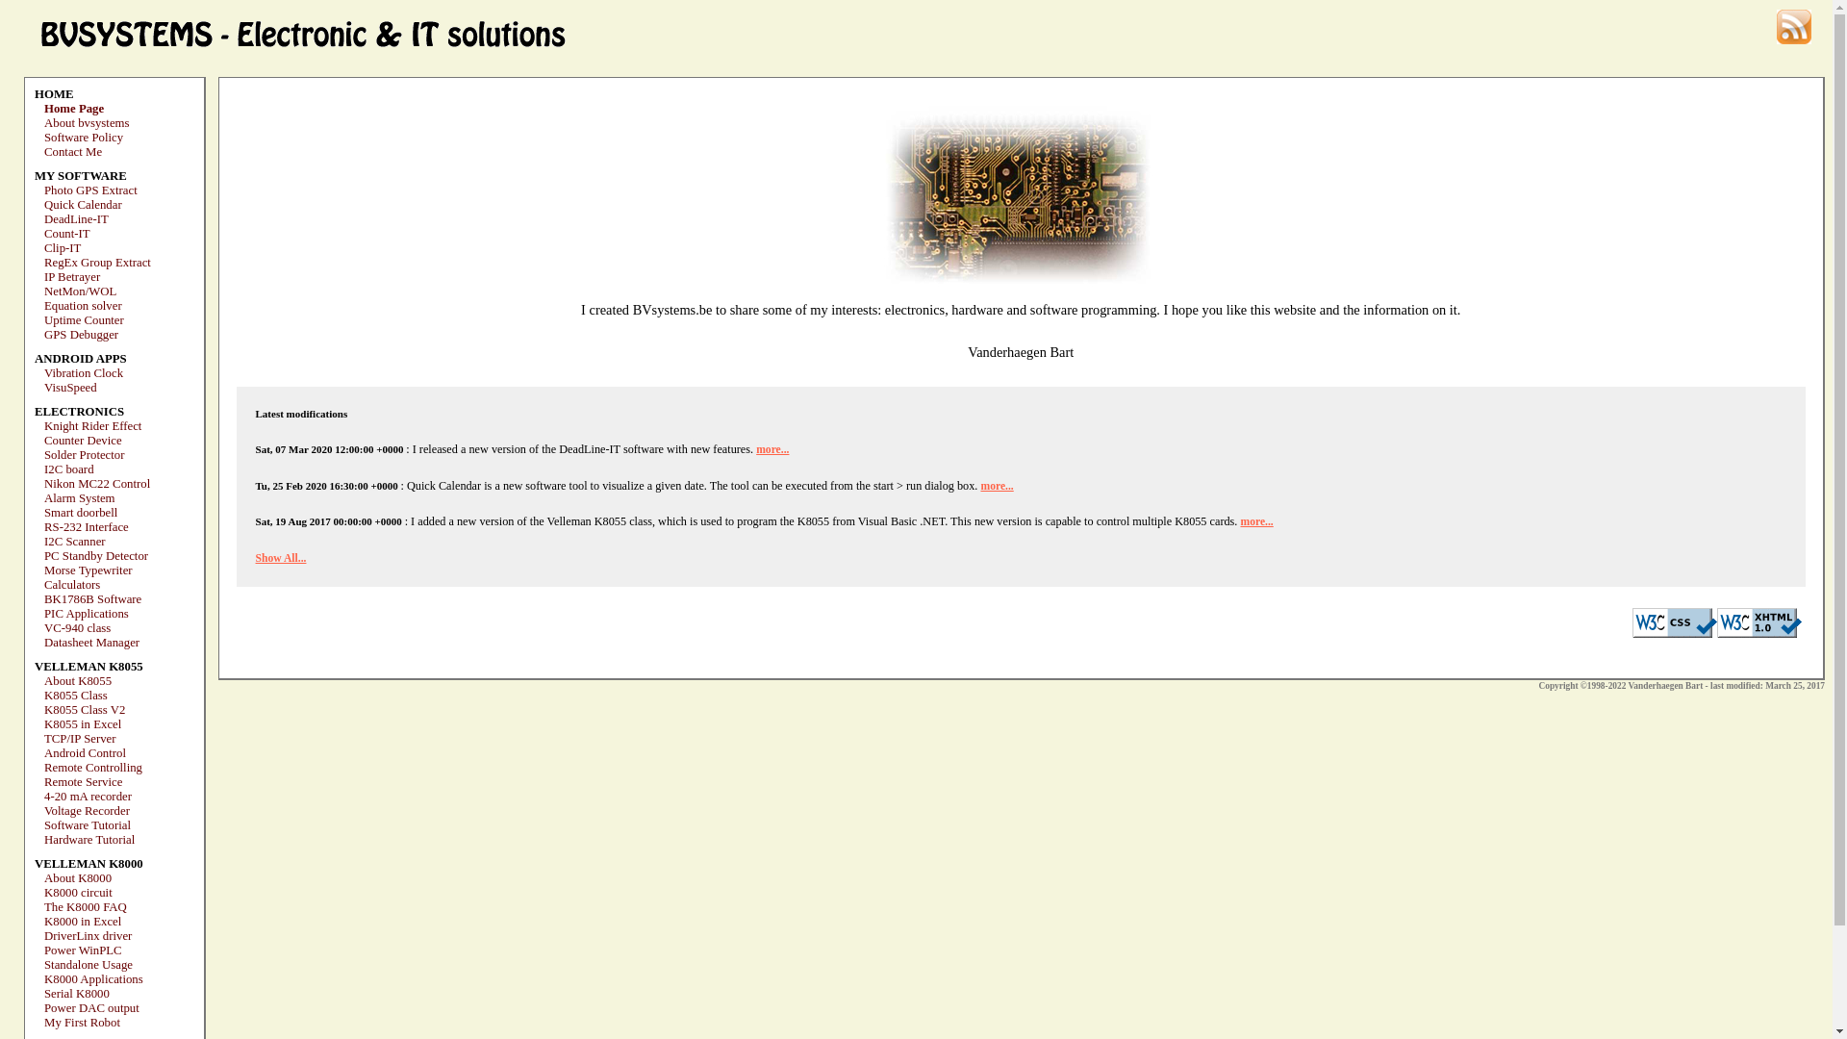 The image size is (1847, 1039). Describe the element at coordinates (79, 291) in the screenshot. I see `'NetMon/WOL'` at that location.